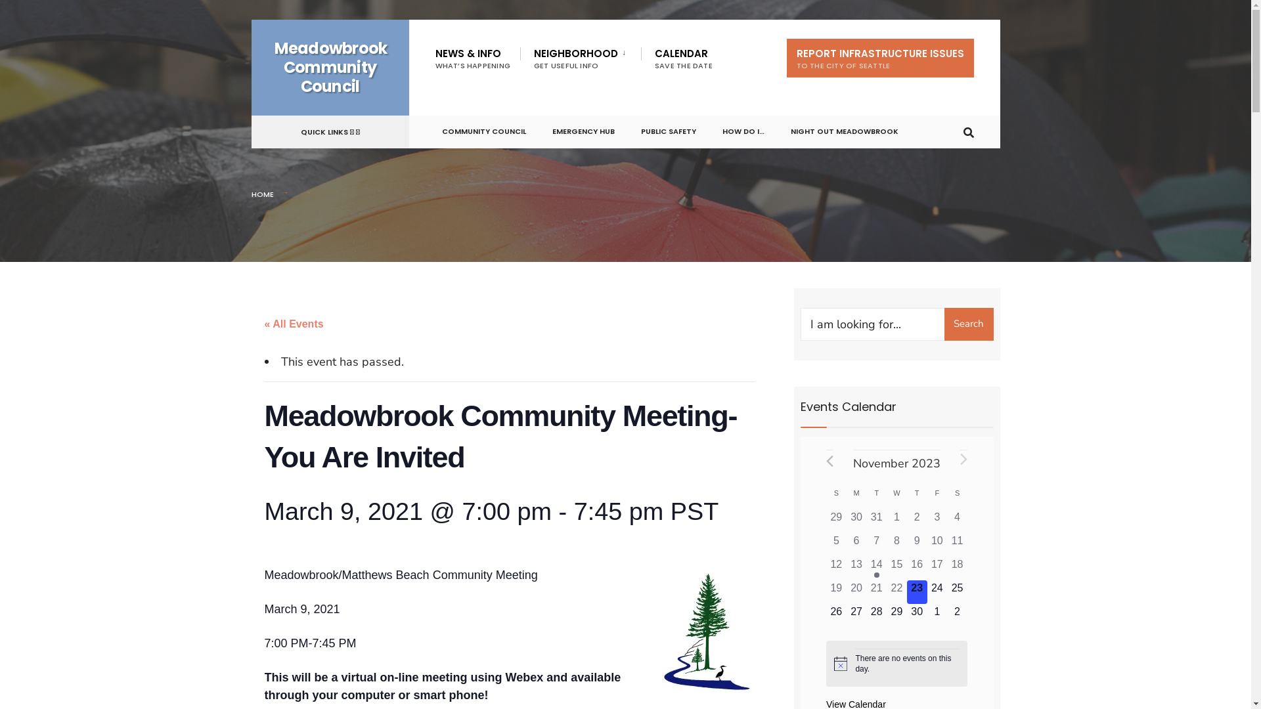  I want to click on 'Skip to content', so click(251, 19).